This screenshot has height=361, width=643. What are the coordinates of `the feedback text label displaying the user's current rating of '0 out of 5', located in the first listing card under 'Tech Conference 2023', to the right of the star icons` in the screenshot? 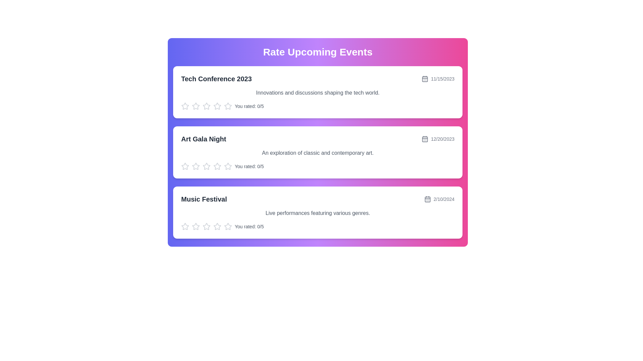 It's located at (249, 106).